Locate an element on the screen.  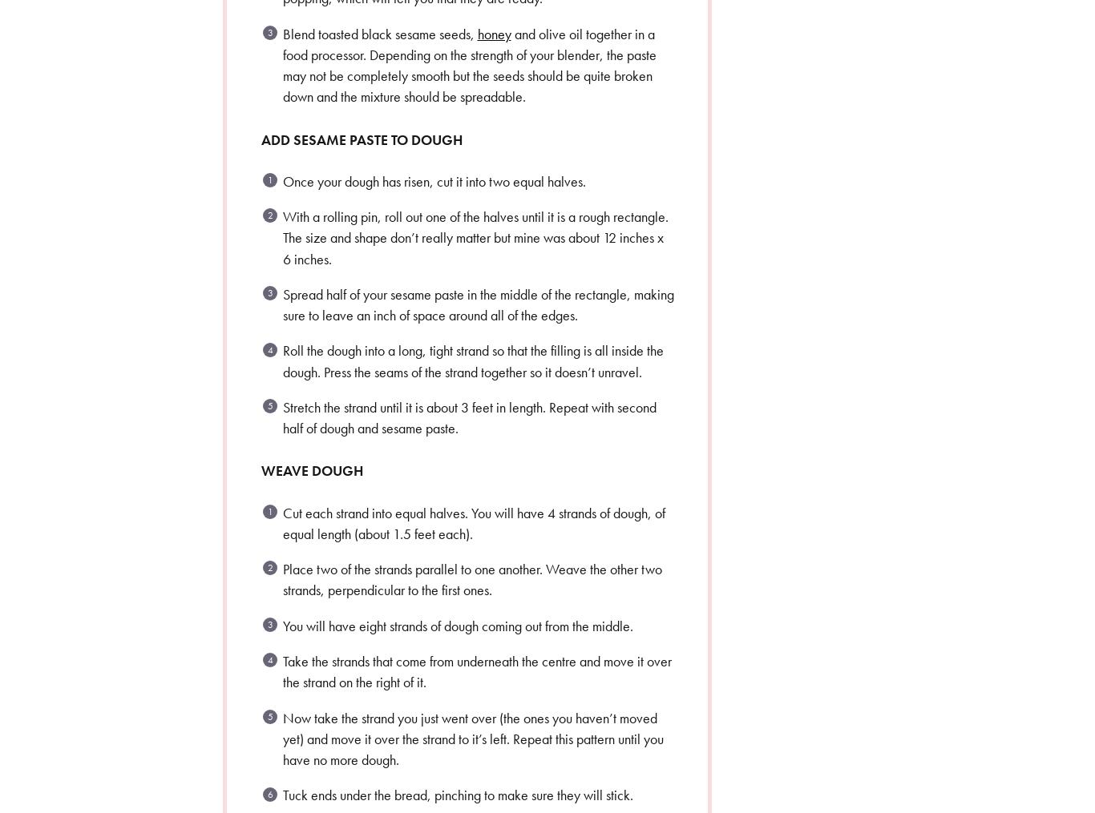
'Place two of the strands parallel to one another. Weave the other two strands, perpendicular to the first ones.' is located at coordinates (281, 579).